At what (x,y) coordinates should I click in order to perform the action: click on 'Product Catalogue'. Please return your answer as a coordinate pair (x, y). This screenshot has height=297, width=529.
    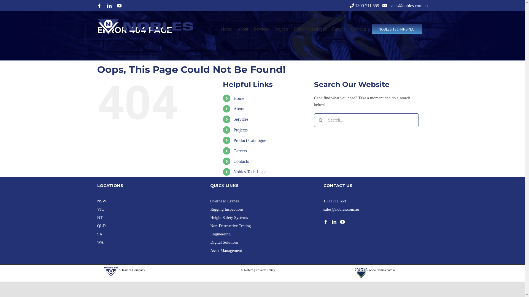
    Looking at the image, I should click on (249, 140).